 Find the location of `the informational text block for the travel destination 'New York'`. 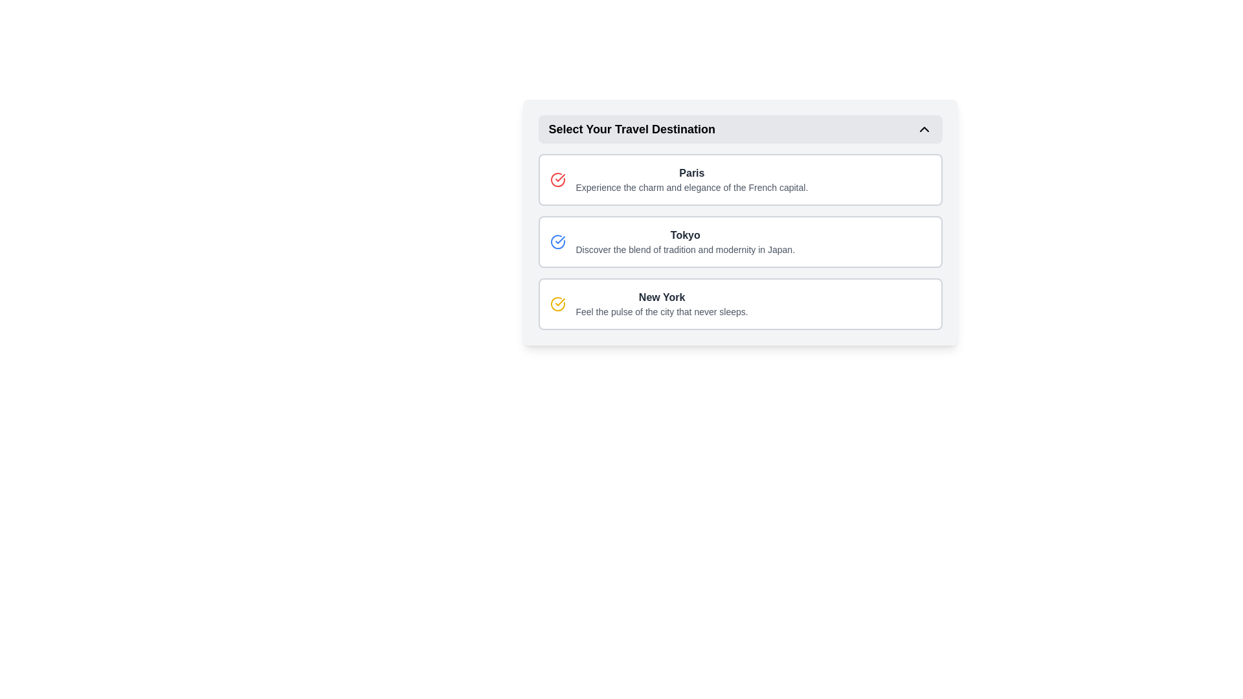

the informational text block for the travel destination 'New York' is located at coordinates (662, 304).